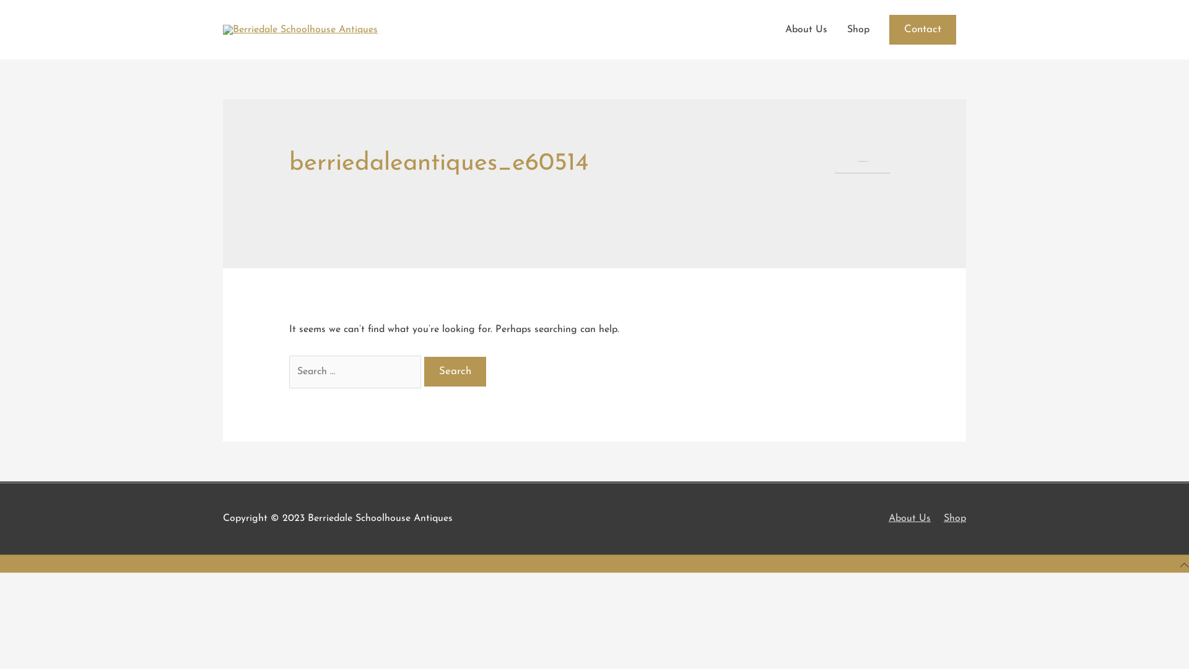  I want to click on 'Search', so click(454, 371).